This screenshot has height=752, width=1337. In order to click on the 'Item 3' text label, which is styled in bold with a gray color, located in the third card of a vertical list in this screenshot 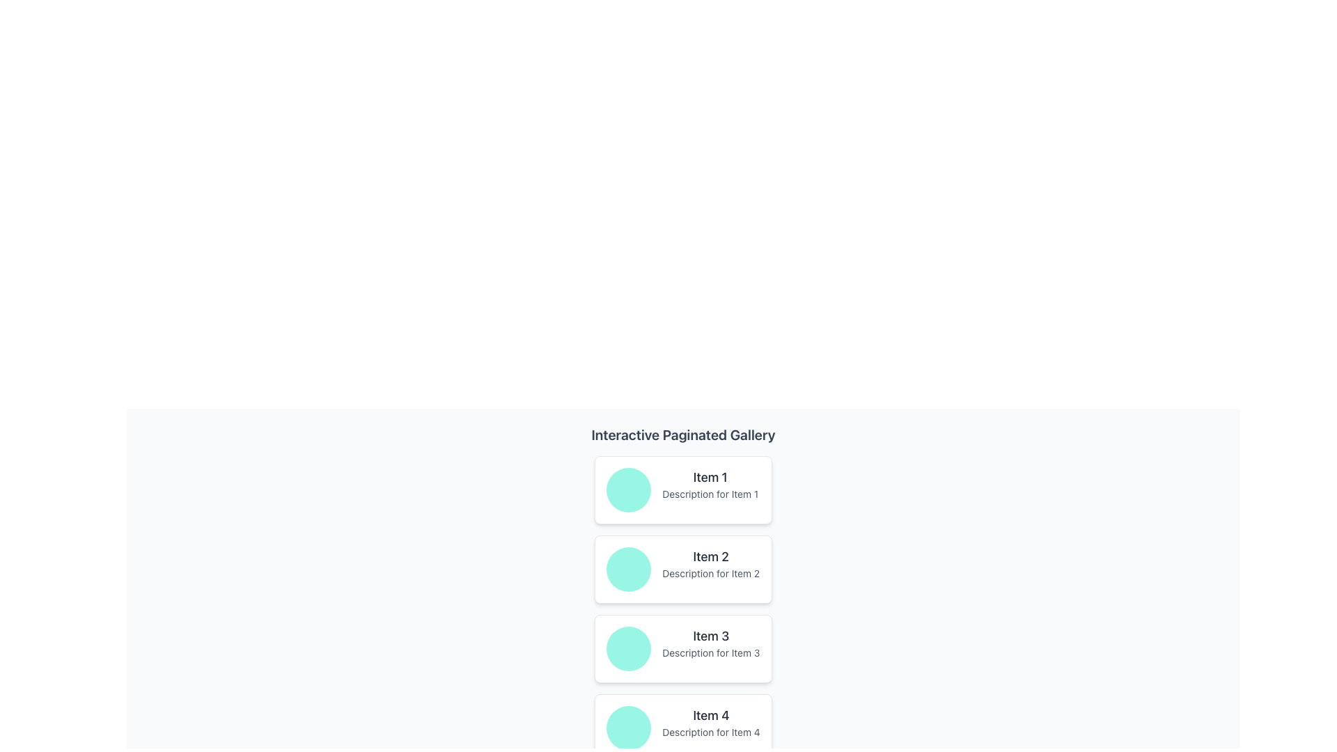, I will do `click(711, 636)`.